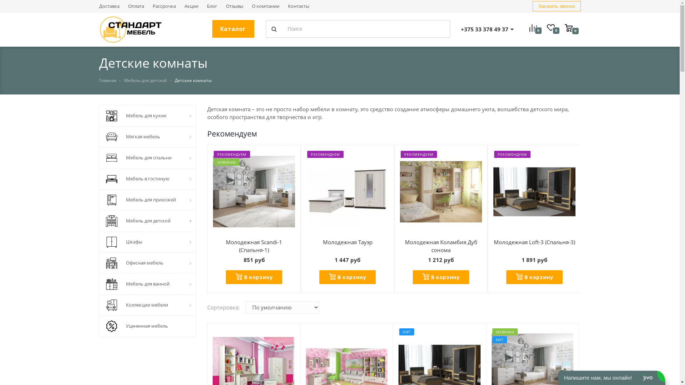 This screenshot has width=685, height=385. Describe the element at coordinates (572, 27) in the screenshot. I see `'0'` at that location.